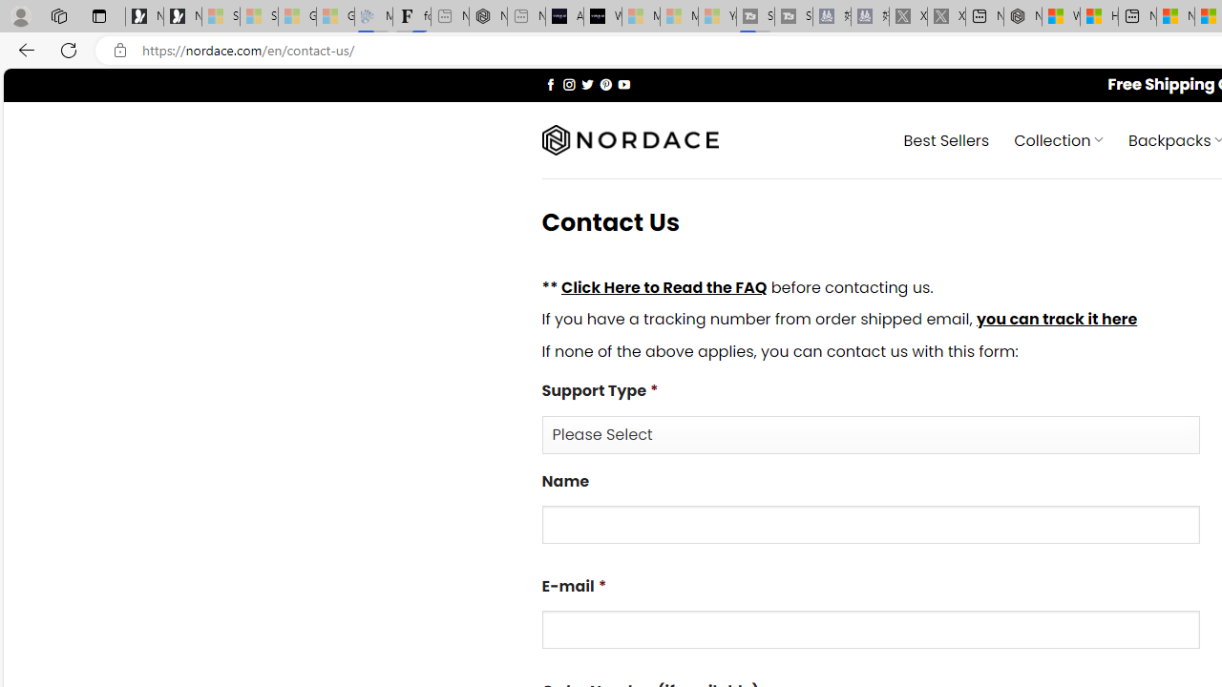  What do you see at coordinates (946, 16) in the screenshot?
I see `'X - Sleeping'` at bounding box center [946, 16].